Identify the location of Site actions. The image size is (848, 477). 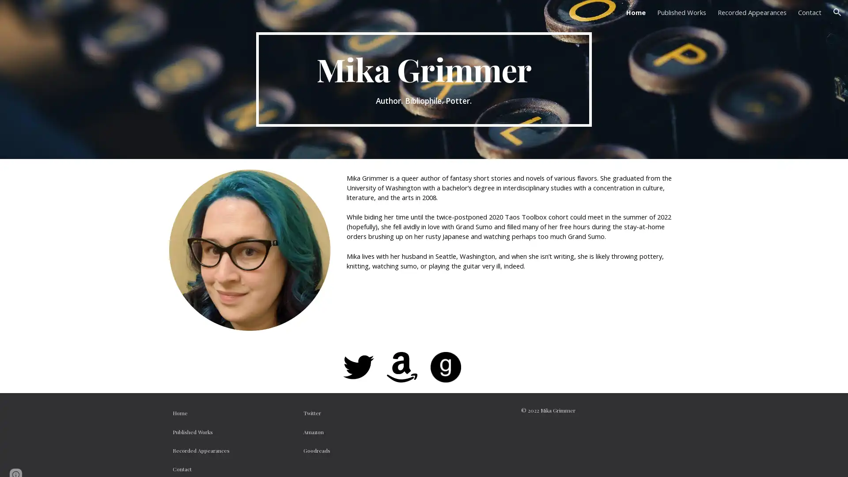
(15, 461).